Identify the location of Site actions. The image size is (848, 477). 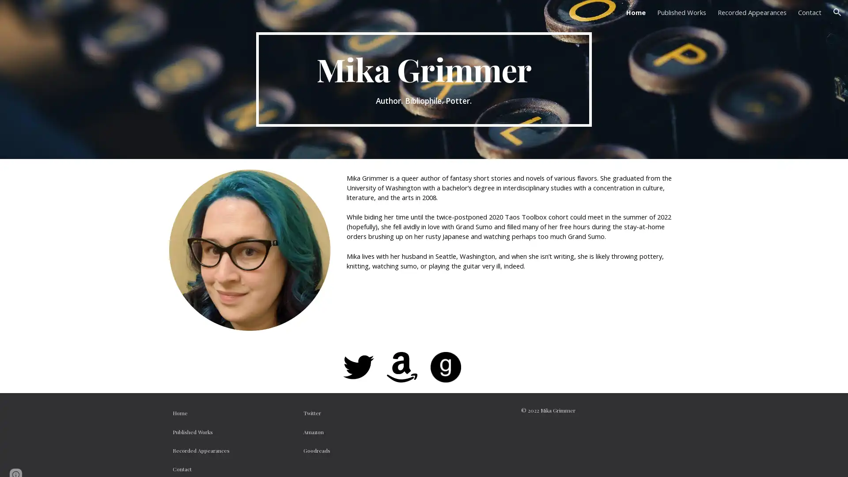
(15, 461).